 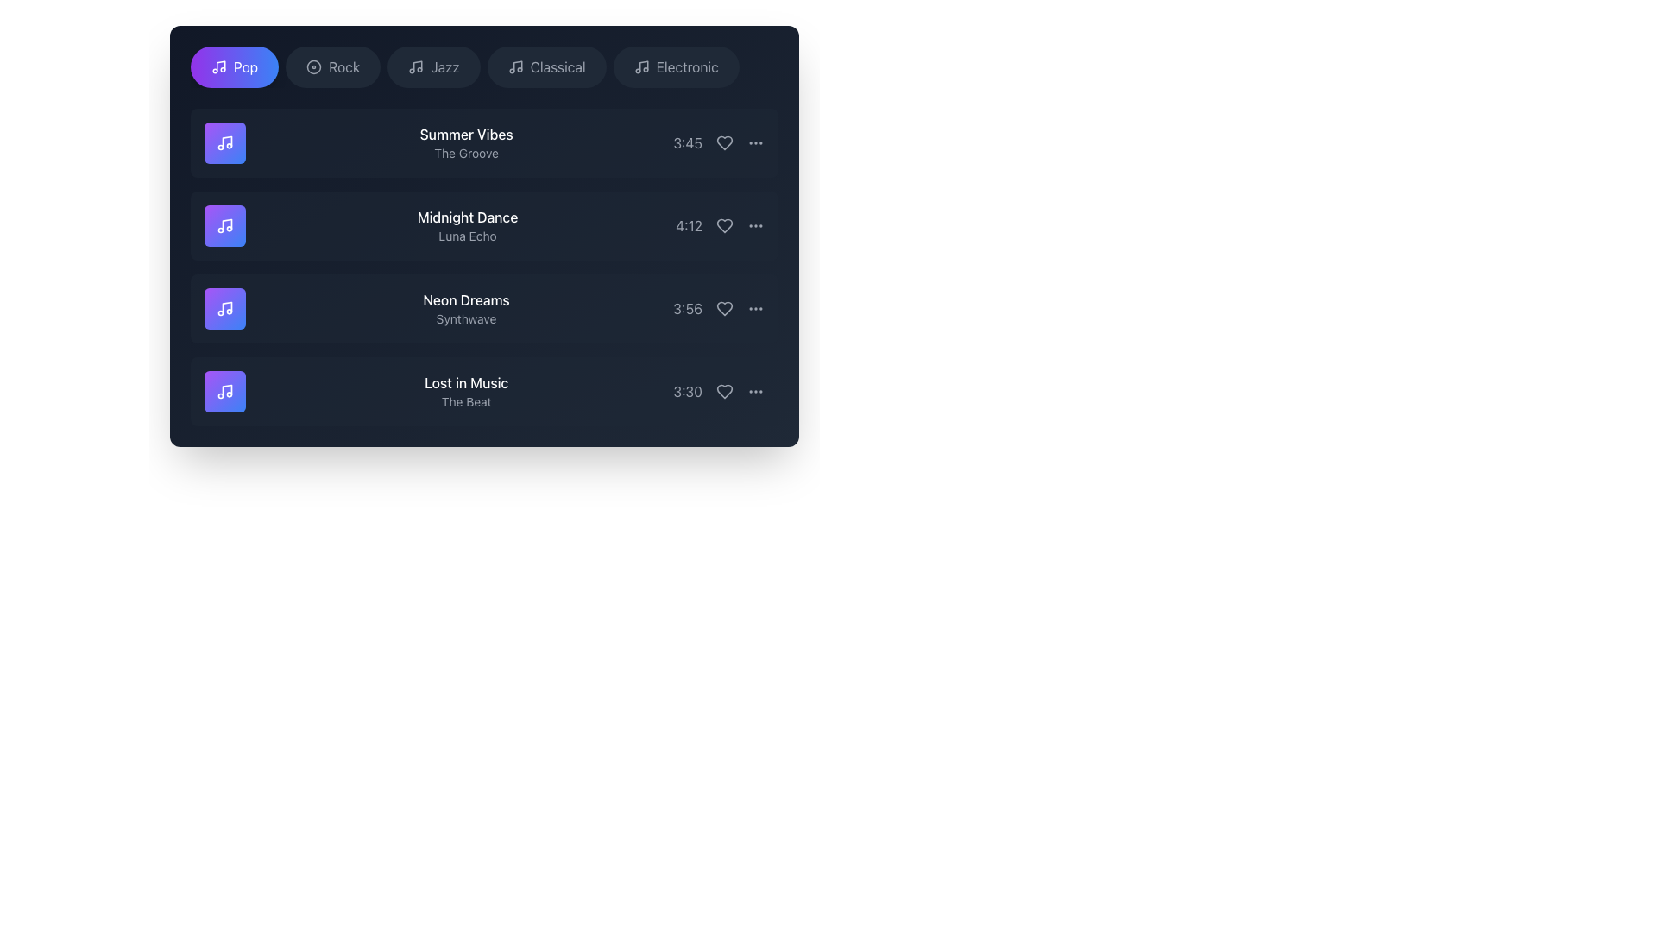 What do you see at coordinates (224, 308) in the screenshot?
I see `the music or audio content icon located in the third row, positioned to the left of the text 'Neon Dreams' and 'Synthwave'` at bounding box center [224, 308].